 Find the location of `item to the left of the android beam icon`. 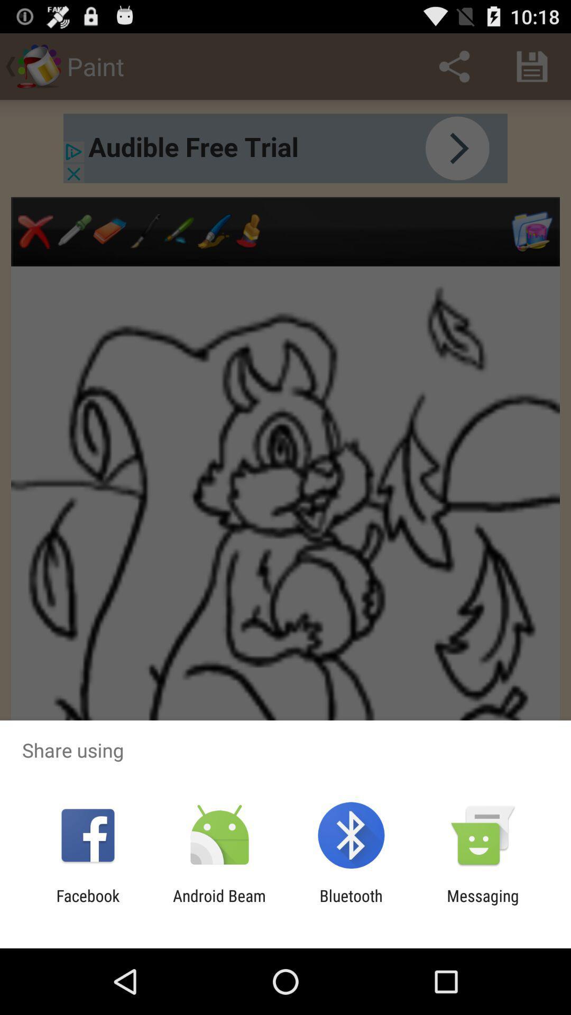

item to the left of the android beam icon is located at coordinates (87, 905).